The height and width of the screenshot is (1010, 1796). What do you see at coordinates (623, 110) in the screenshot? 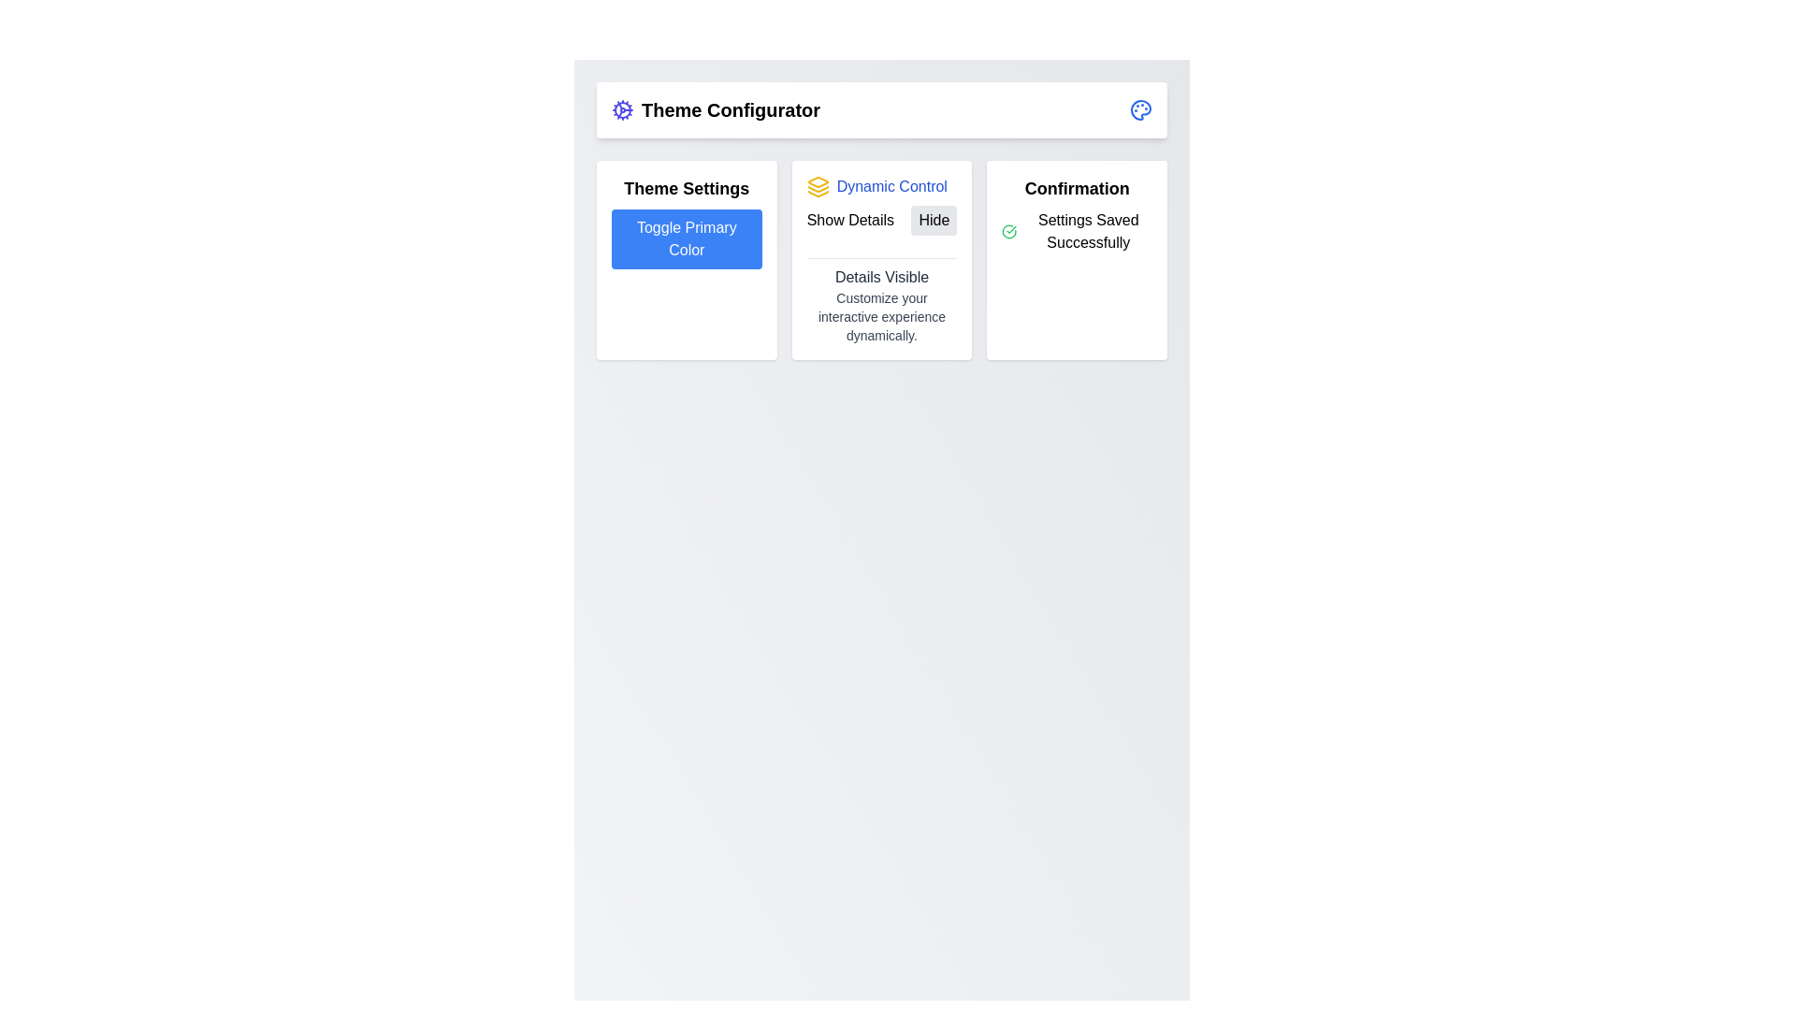
I see `the small blue-indigo gear icon located to the left of the 'Theme Configurator' header` at bounding box center [623, 110].